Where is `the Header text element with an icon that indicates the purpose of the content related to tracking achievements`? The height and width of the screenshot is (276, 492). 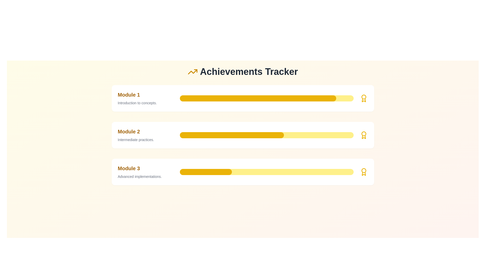 the Header text element with an icon that indicates the purpose of the content related to tracking achievements is located at coordinates (242, 72).